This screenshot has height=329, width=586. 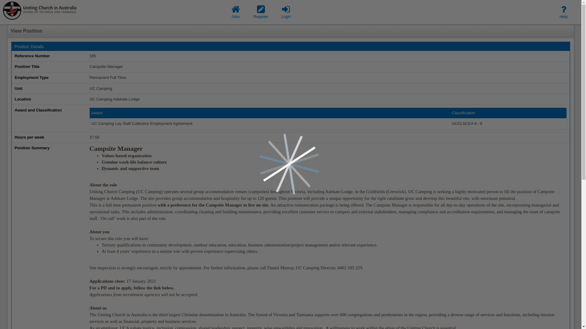 What do you see at coordinates (235, 12) in the screenshot?
I see `'Jobs'` at bounding box center [235, 12].